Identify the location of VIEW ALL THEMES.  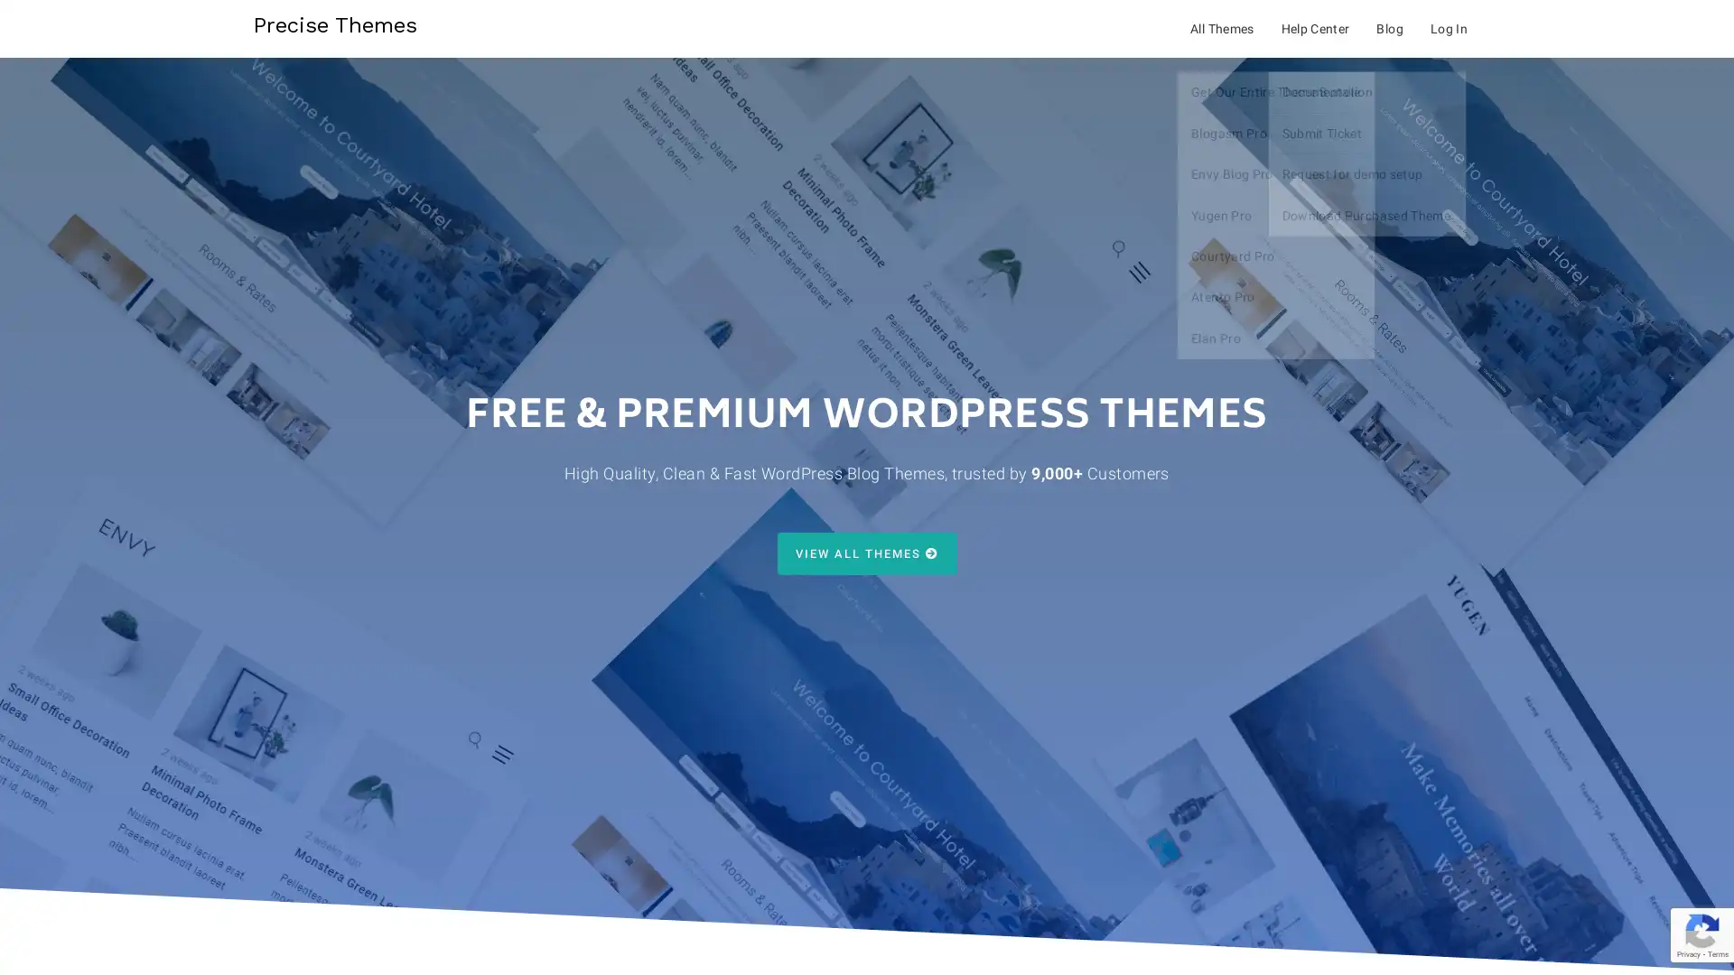
(865, 552).